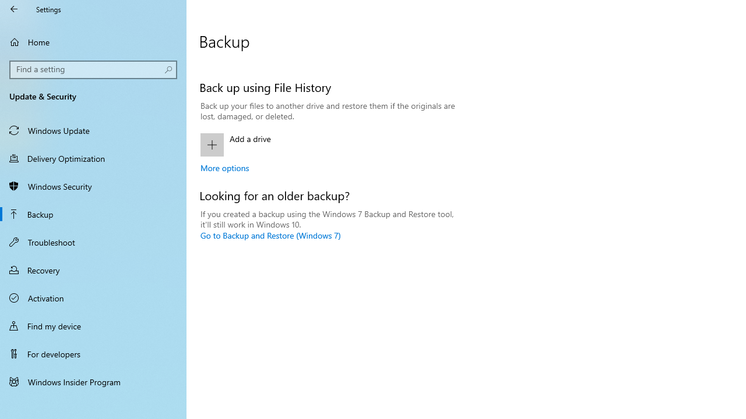 The height and width of the screenshot is (419, 746). I want to click on 'Search box, Find a setting', so click(93, 69).